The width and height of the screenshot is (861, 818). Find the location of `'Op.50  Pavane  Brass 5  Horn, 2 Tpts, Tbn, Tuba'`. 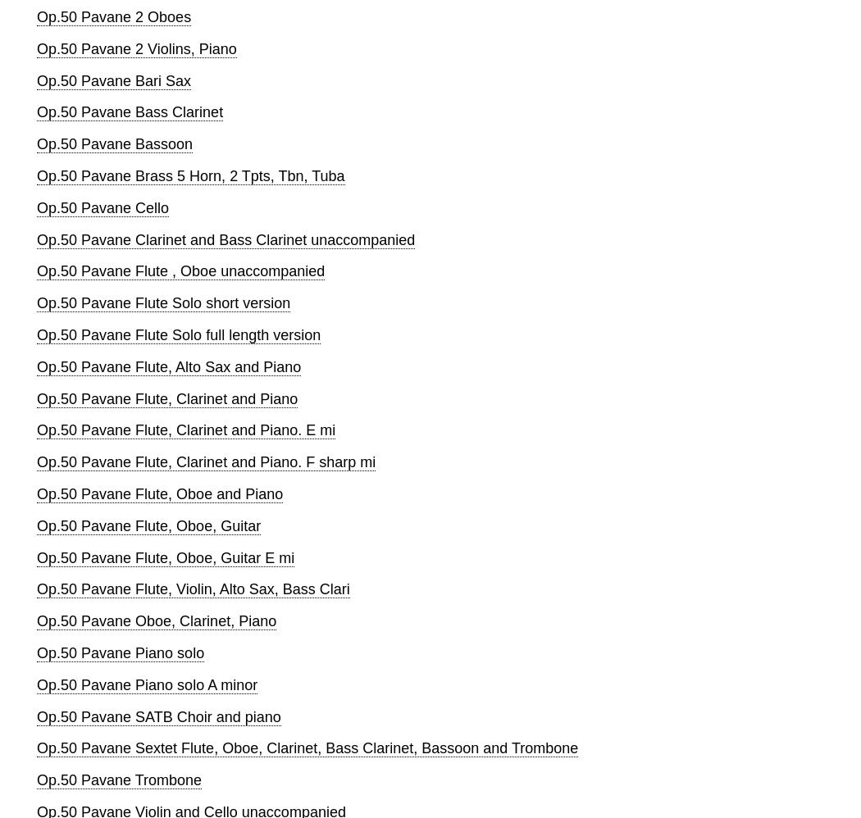

'Op.50  Pavane  Brass 5  Horn, 2 Tpts, Tbn, Tuba' is located at coordinates (36, 175).